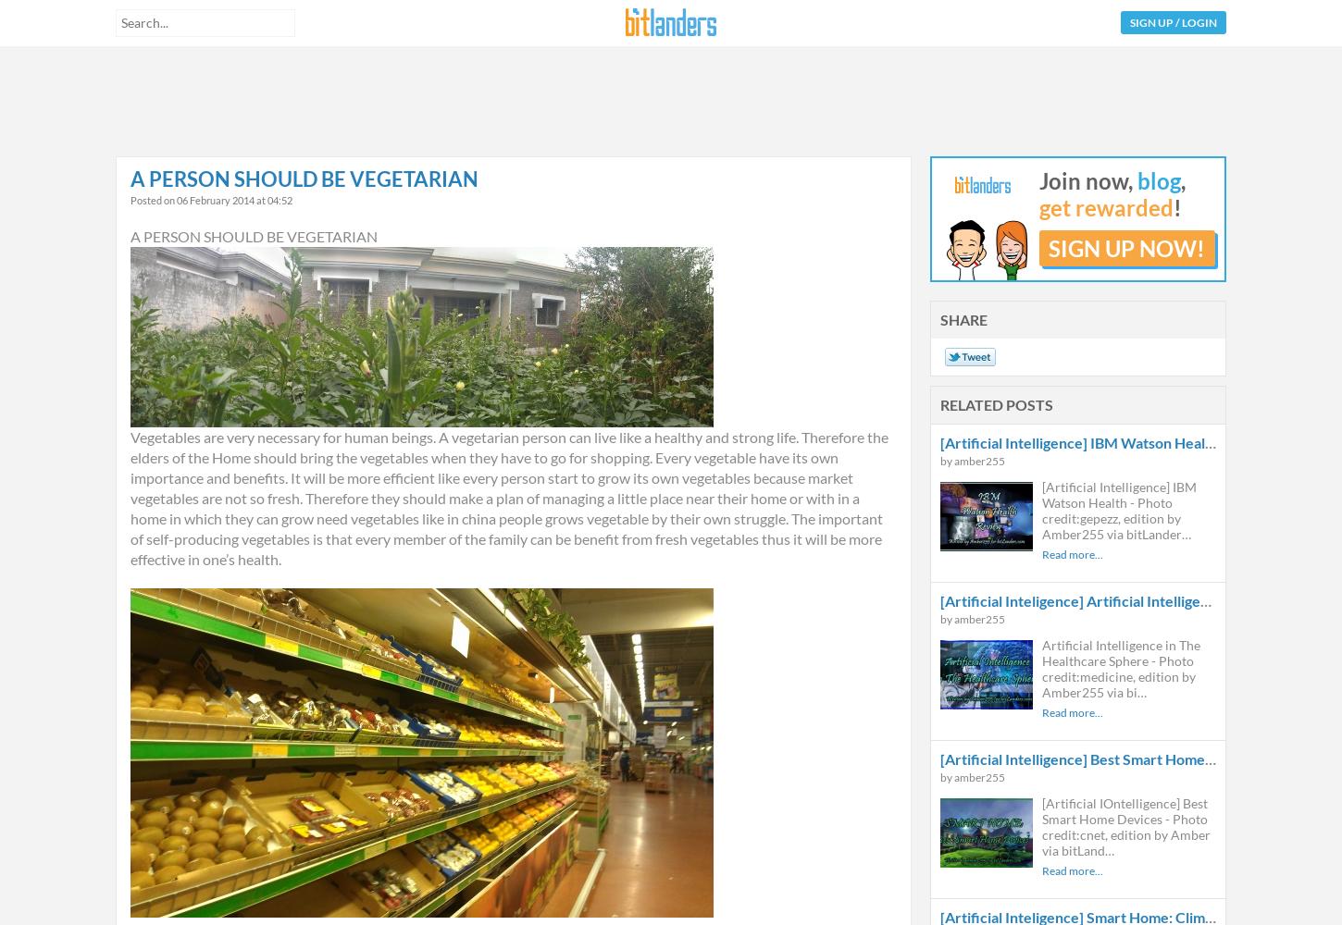 Image resolution: width=1342 pixels, height=925 pixels. I want to click on 'Posted on', so click(153, 199).